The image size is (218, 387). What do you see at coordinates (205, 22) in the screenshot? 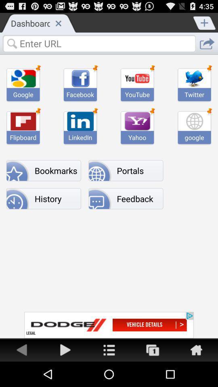
I see `open new tab` at bounding box center [205, 22].